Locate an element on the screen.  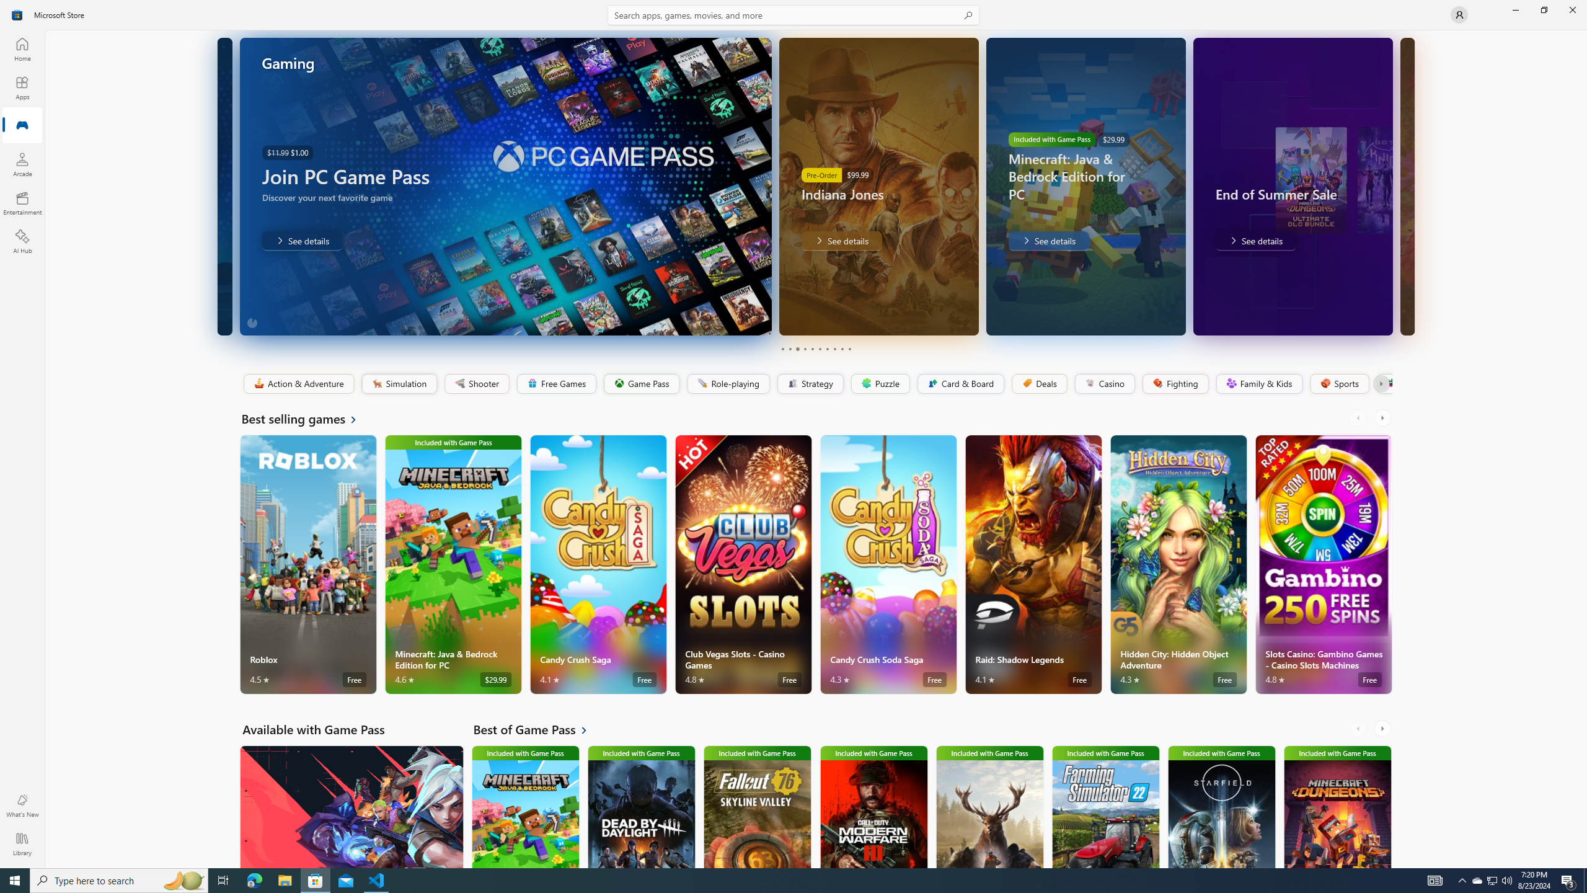
'Simulation' is located at coordinates (399, 383).